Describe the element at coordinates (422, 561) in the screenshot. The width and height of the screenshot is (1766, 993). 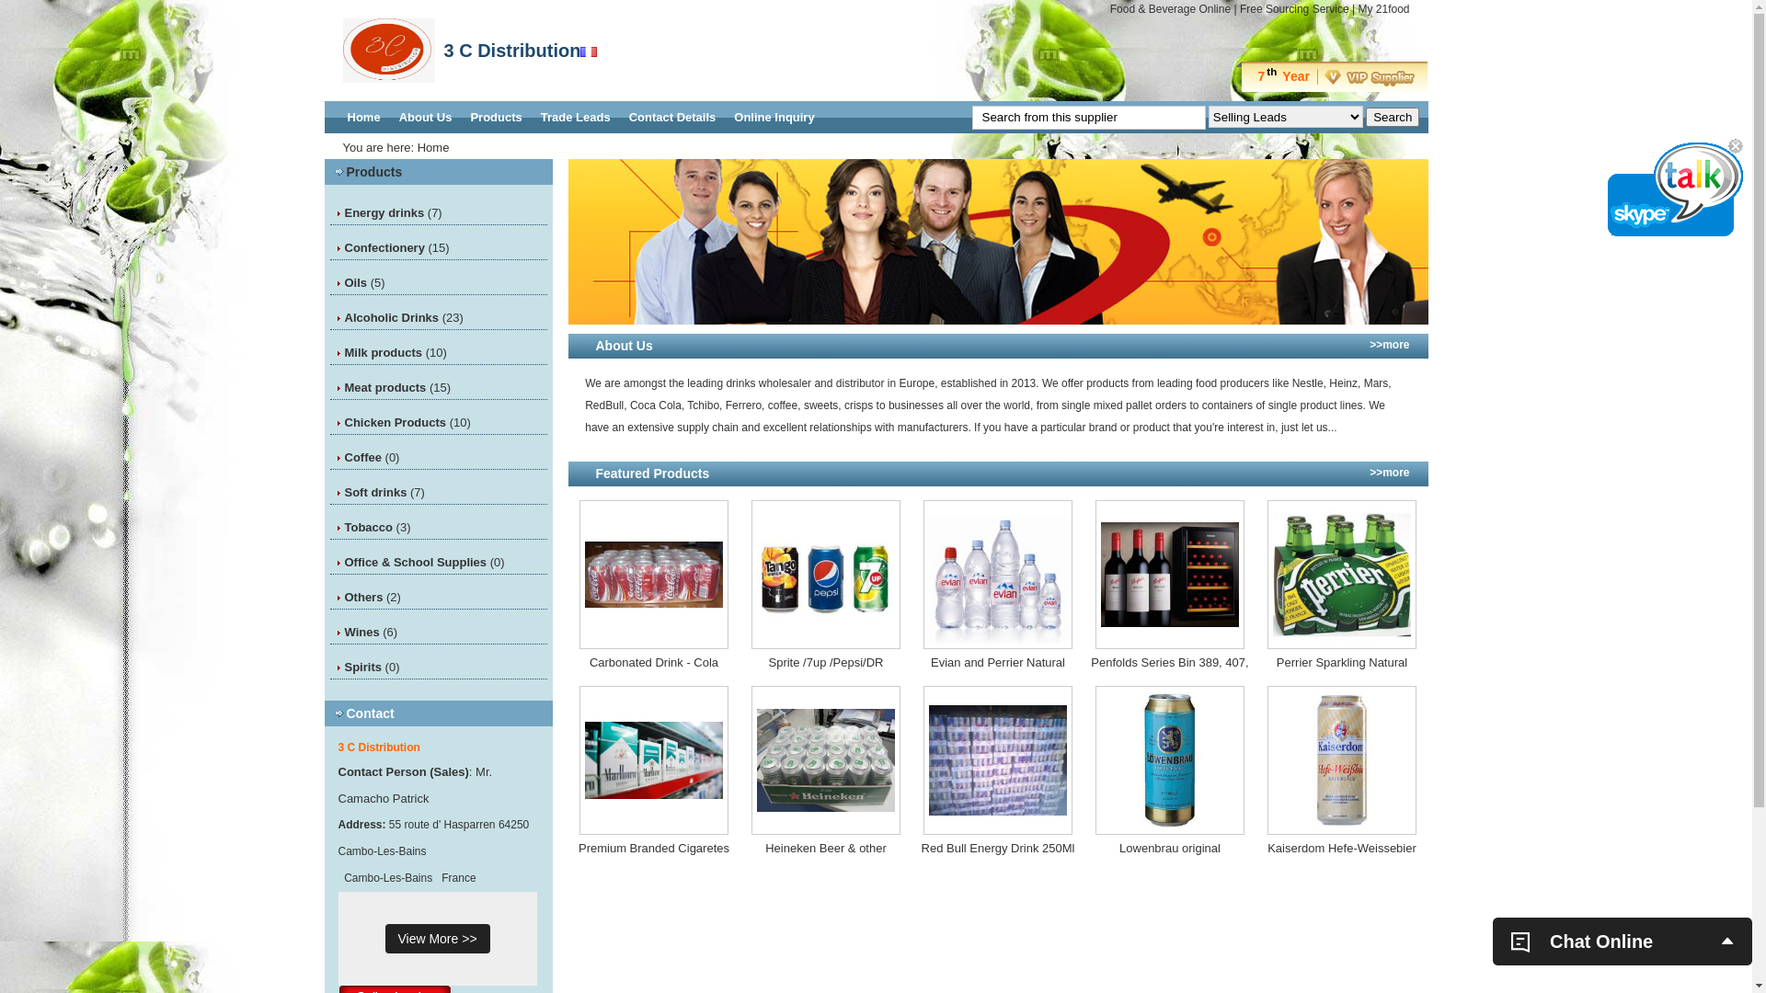
I see `'Office & School Supplies (0)'` at that location.